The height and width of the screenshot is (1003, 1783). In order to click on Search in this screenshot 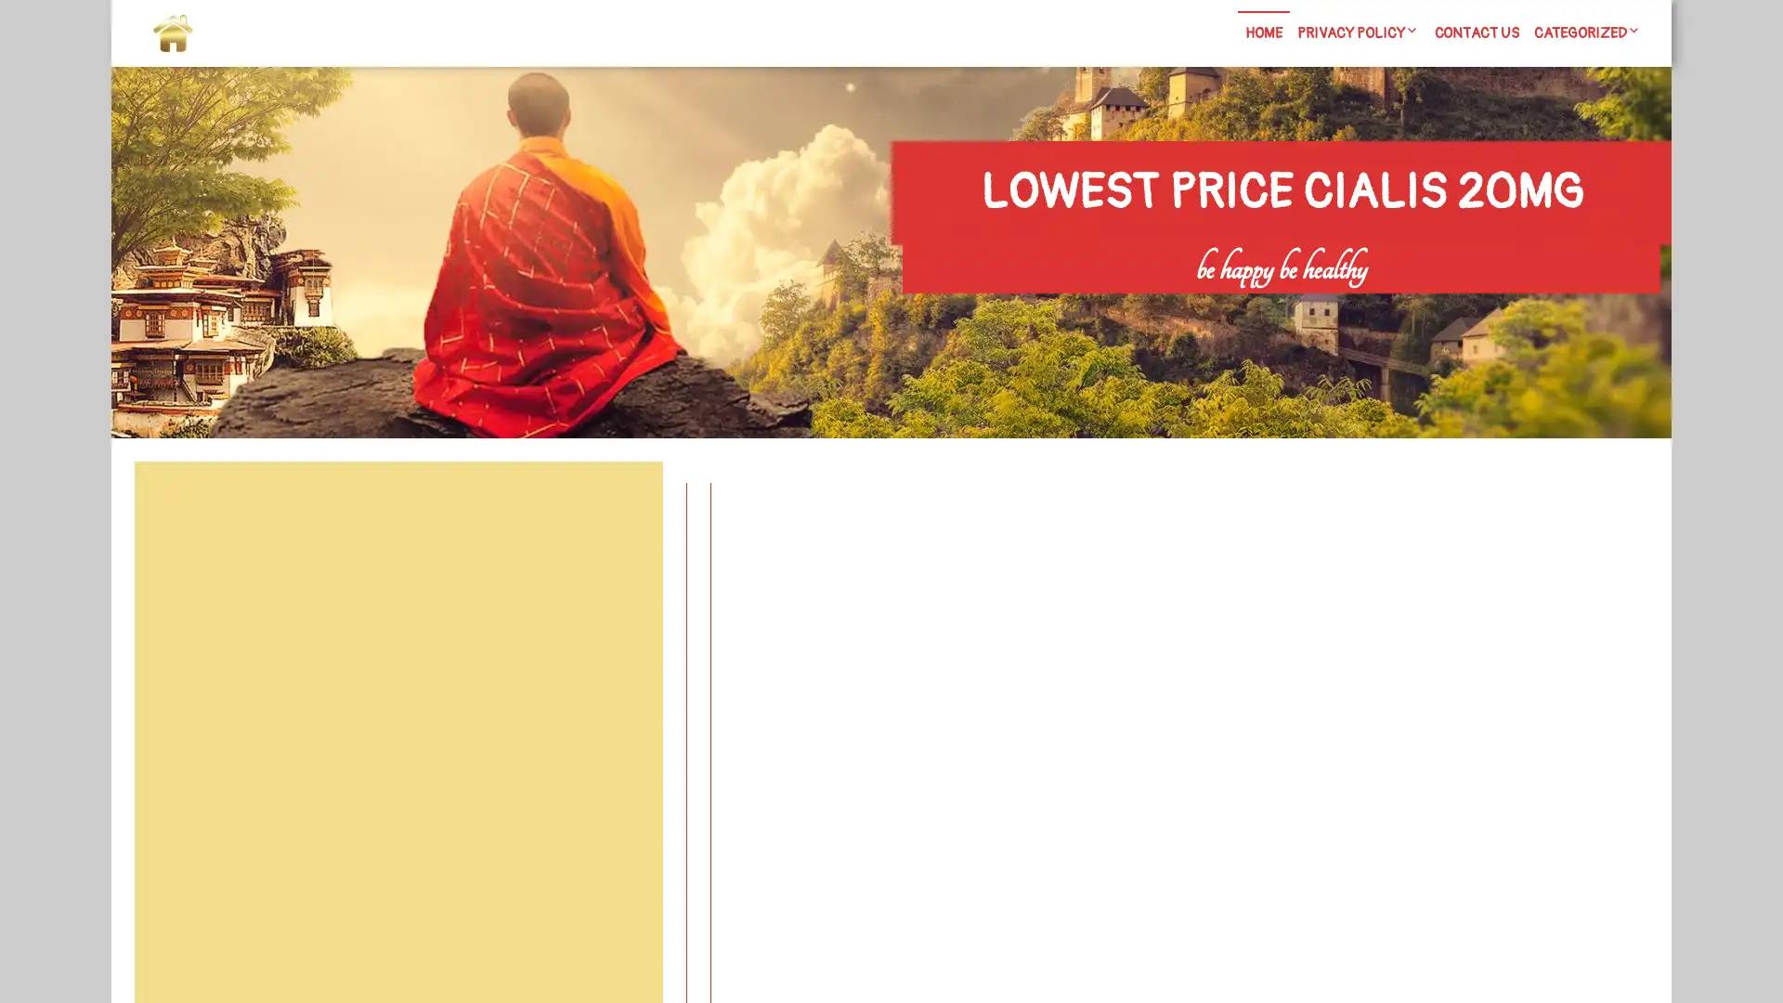, I will do `click(619, 506)`.